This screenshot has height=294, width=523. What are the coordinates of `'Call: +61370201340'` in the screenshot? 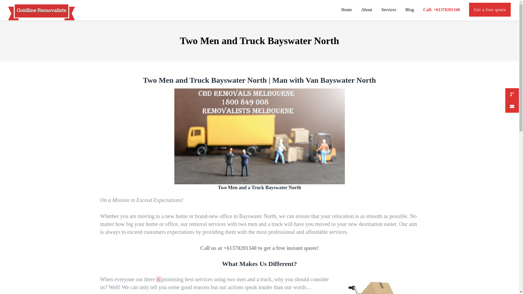 It's located at (441, 10).